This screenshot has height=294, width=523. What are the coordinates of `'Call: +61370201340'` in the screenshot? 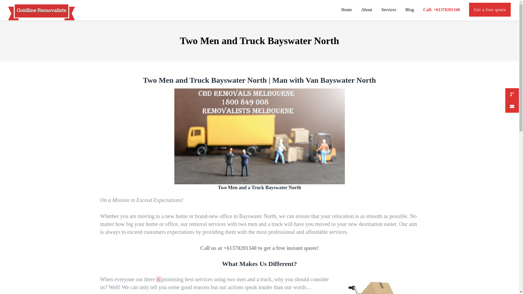 It's located at (441, 10).